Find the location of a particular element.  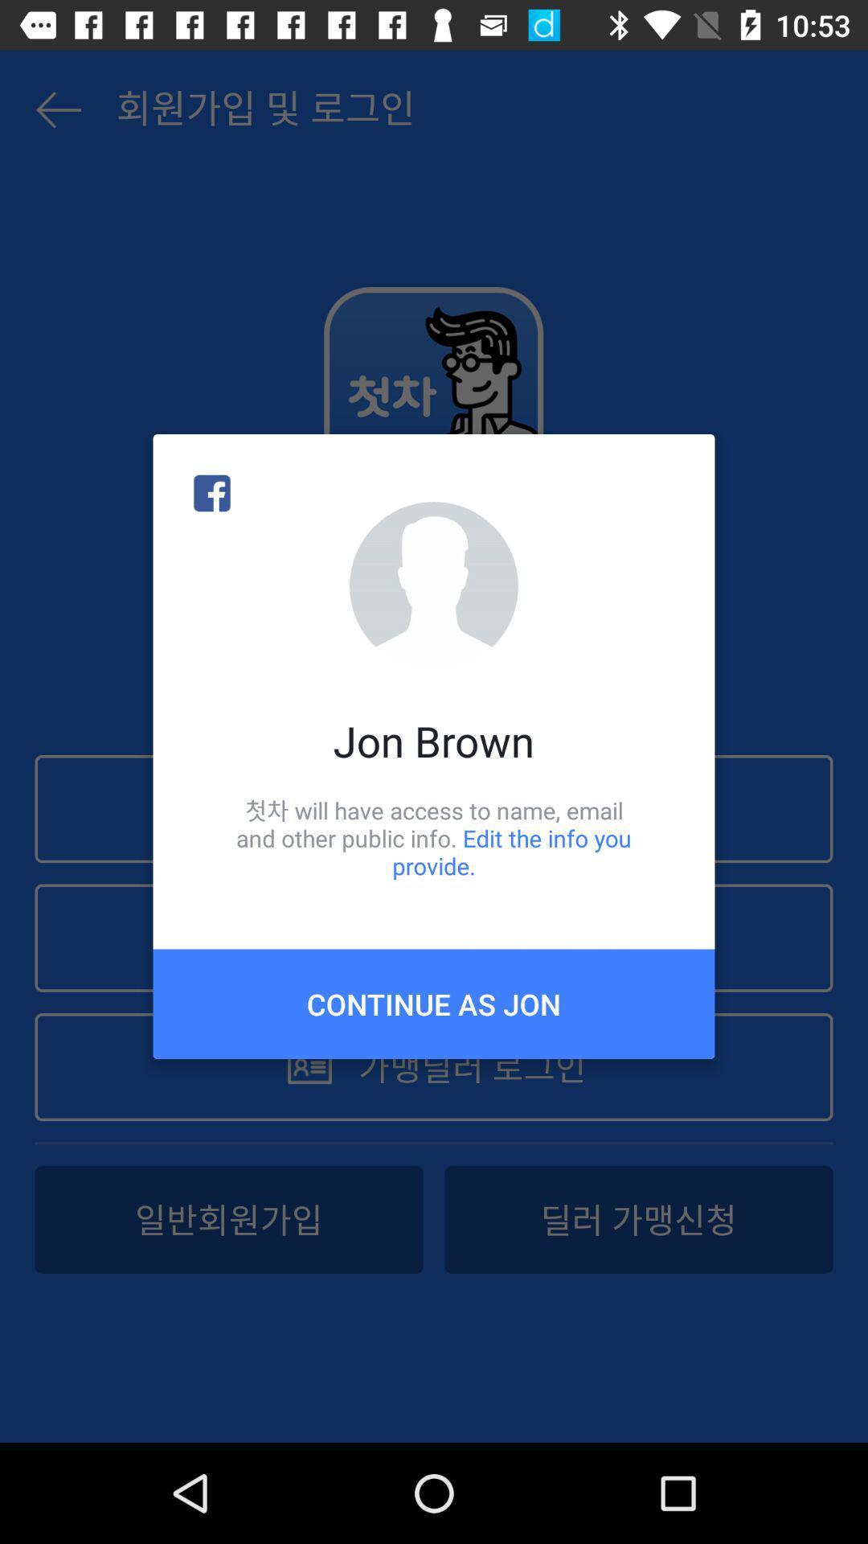

the continue as jon icon is located at coordinates (434, 1003).